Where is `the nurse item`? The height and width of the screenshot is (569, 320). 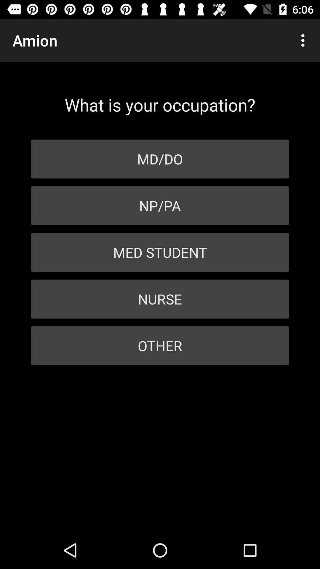
the nurse item is located at coordinates (160, 299).